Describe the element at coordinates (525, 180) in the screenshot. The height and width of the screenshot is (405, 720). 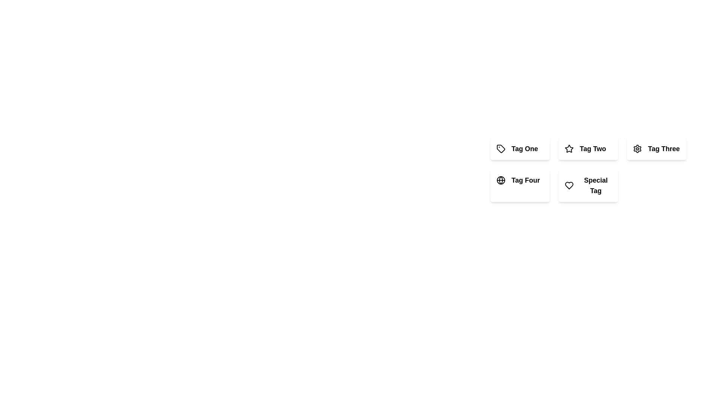
I see `the bold text label 'Tag Four', which is styled with a larger font size and located in the second row of a grid layout, first item in that row` at that location.